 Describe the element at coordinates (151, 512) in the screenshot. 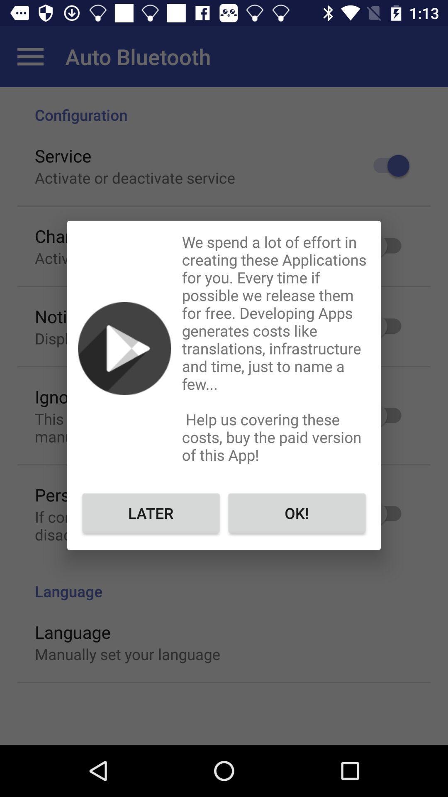

I see `later icon` at that location.